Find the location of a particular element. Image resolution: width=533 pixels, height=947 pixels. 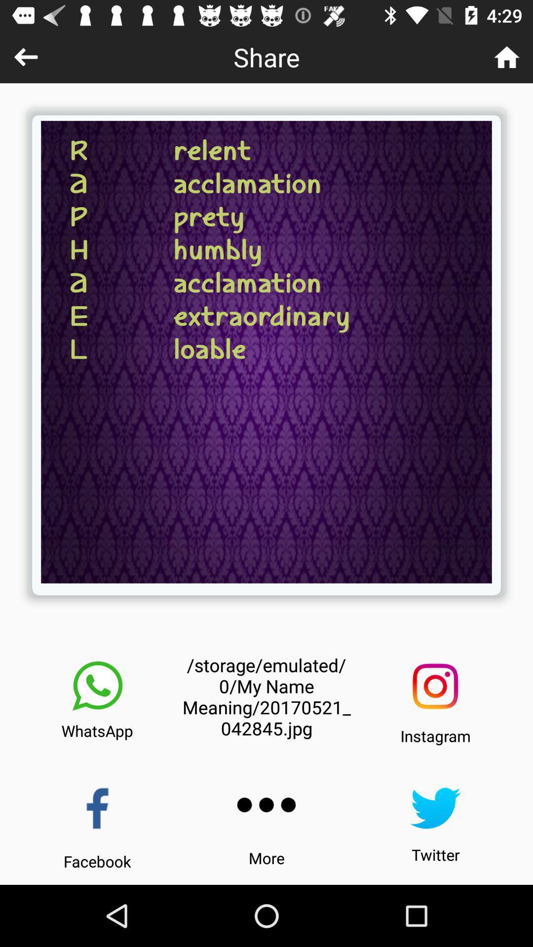

the icon below storage emulated 0 icon is located at coordinates (266, 805).